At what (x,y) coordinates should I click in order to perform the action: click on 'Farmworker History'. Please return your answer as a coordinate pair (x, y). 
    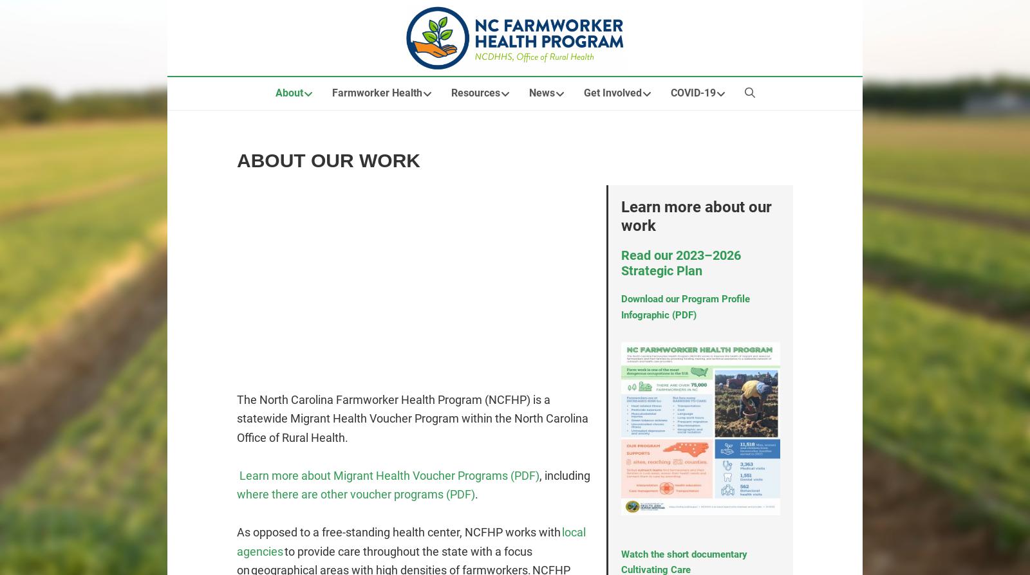
    Looking at the image, I should click on (375, 170).